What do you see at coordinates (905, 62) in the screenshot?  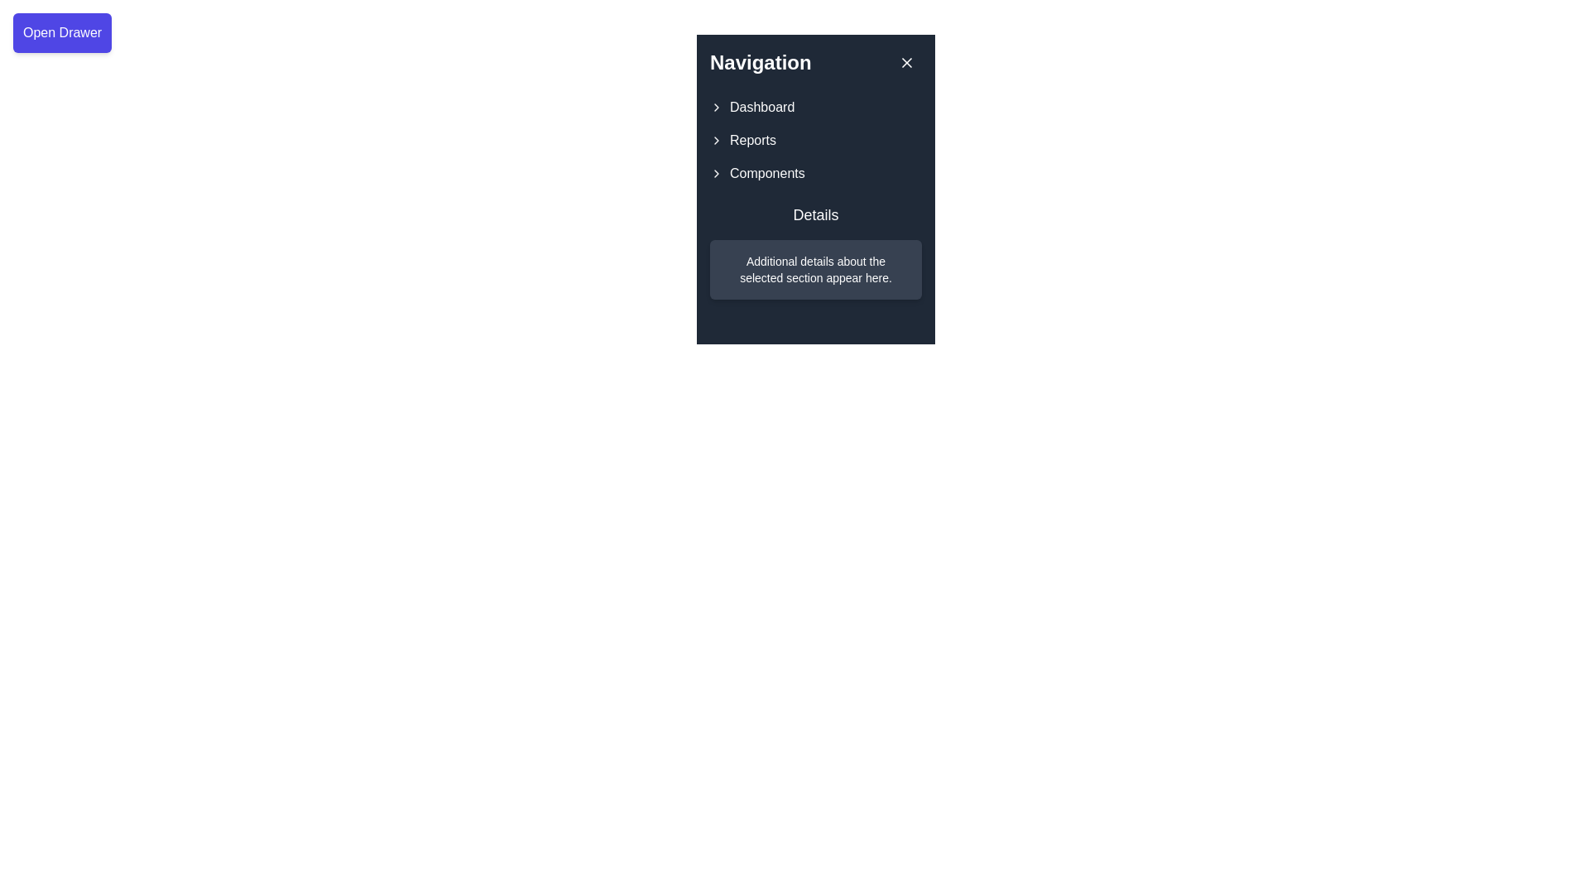 I see `the 'X' shaped close button icon located in the top-right corner of the navigation panel` at bounding box center [905, 62].